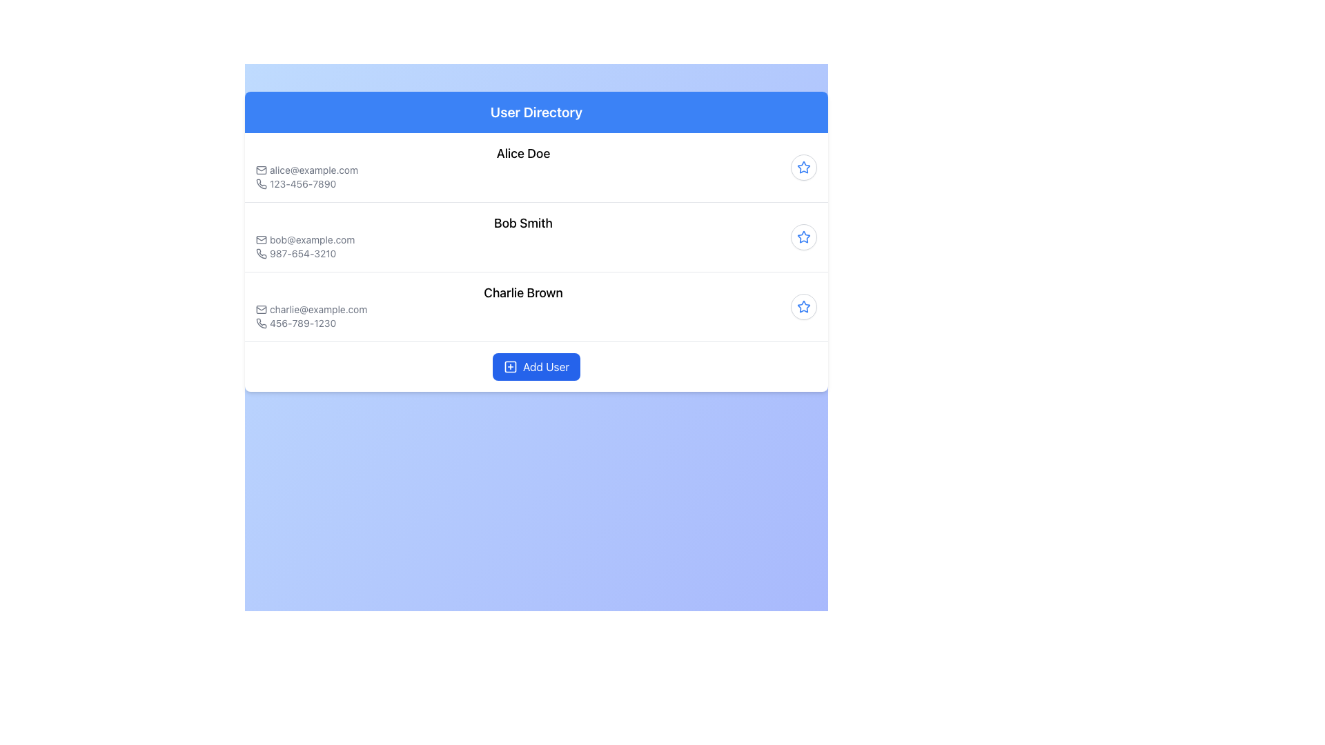  I want to click on the envelope icon representing the email address associated with the user 'Charlie Brown' to interact with the email address, so click(262, 308).